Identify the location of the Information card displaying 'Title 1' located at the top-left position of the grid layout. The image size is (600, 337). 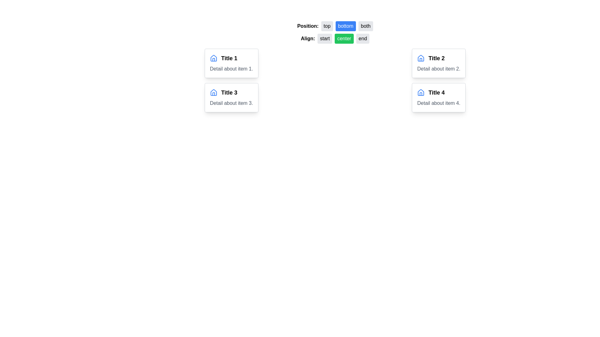
(231, 63).